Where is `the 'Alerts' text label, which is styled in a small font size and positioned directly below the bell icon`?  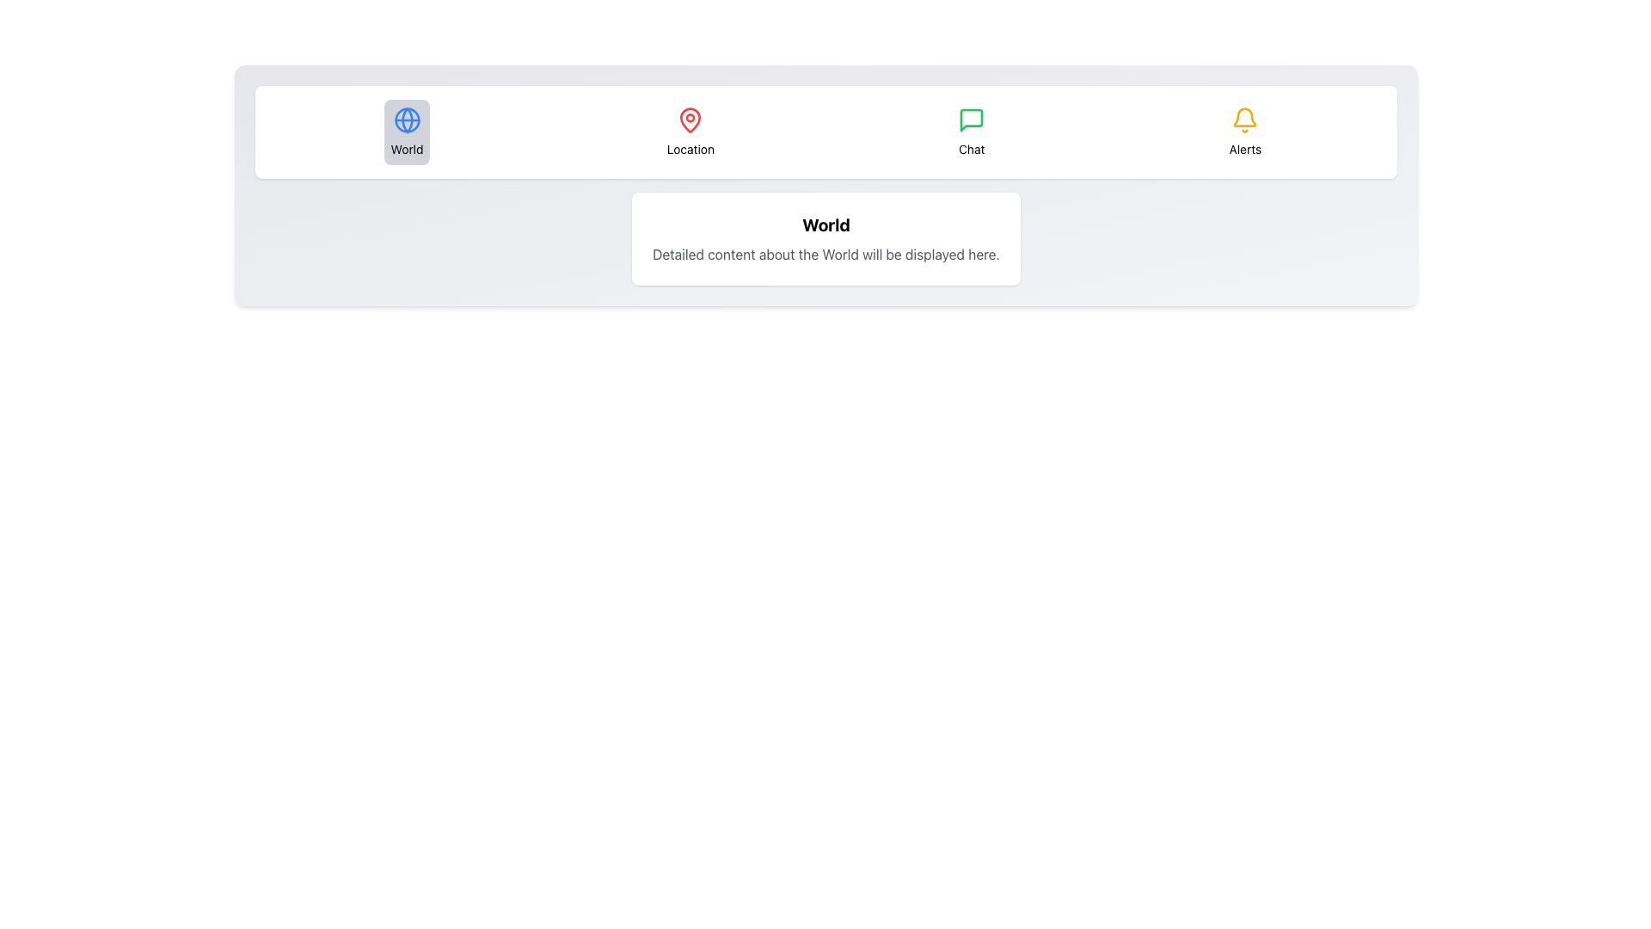
the 'Alerts' text label, which is styled in a small font size and positioned directly below the bell icon is located at coordinates (1245, 148).